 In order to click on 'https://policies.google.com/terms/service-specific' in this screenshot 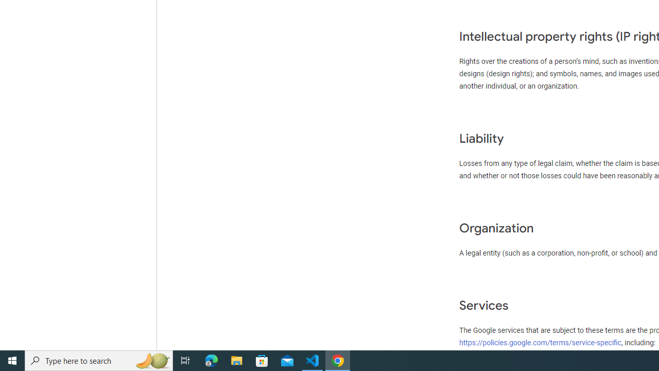, I will do `click(540, 342)`.